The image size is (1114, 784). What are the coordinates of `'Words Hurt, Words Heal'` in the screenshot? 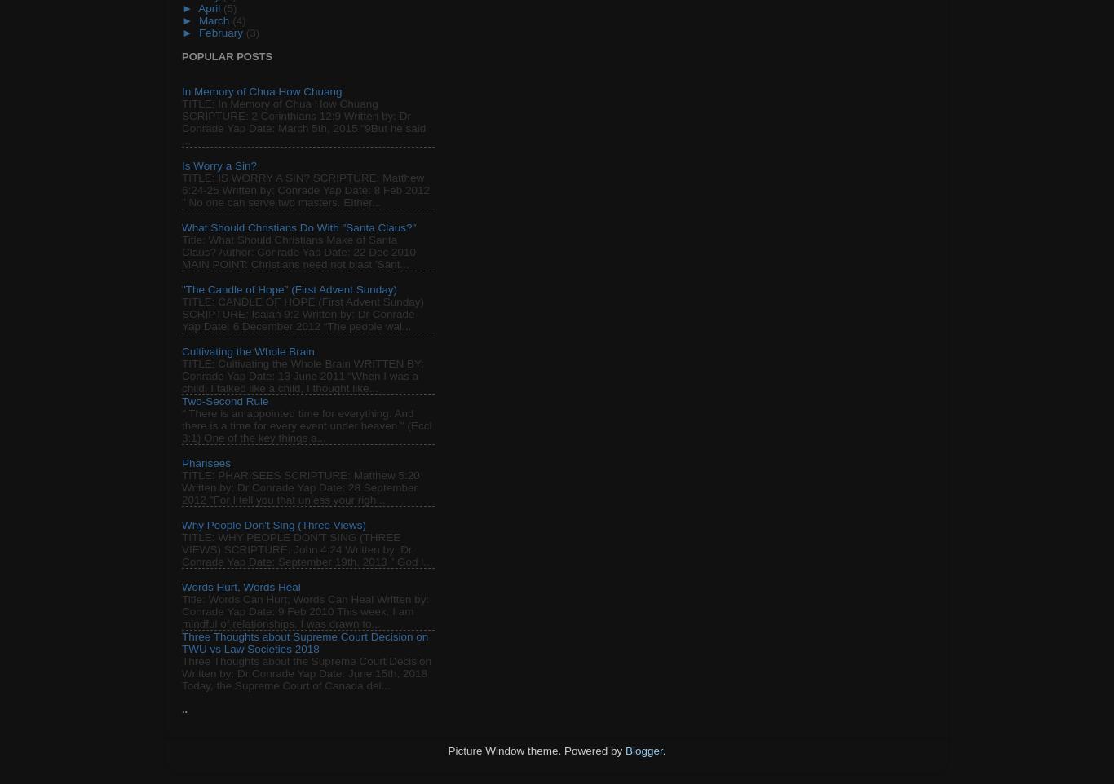 It's located at (241, 586).